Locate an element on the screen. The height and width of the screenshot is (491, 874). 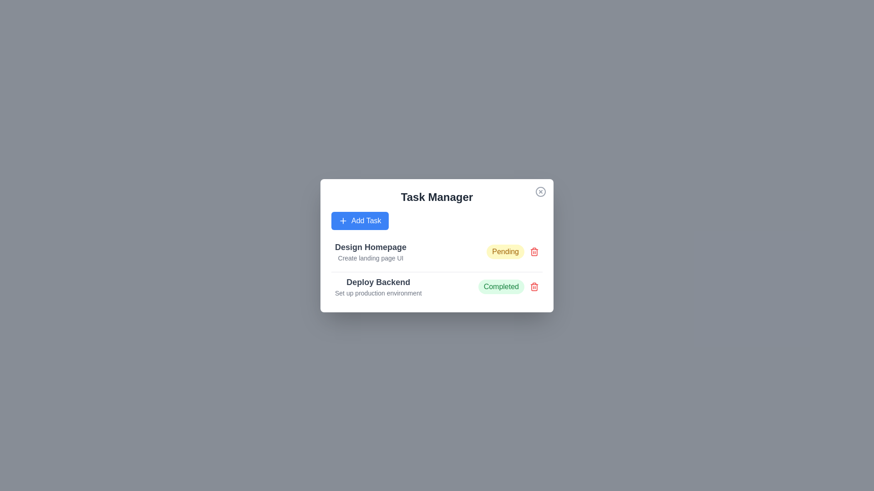
the red trash icon button, which signifies a delete action and is located to the right of the 'Completed' label and green badge, to trigger its hover effect is located at coordinates (534, 286).